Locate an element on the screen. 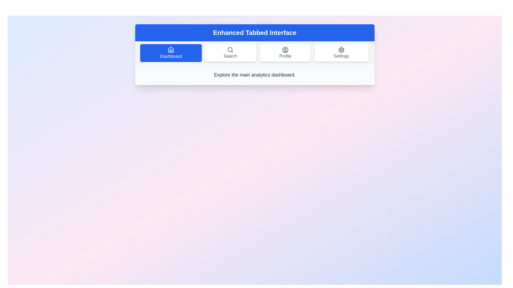 The image size is (513, 288). the outermost circular SVG shape in the 'Profile' tab button, styled with a stroke and no fill color is located at coordinates (285, 50).